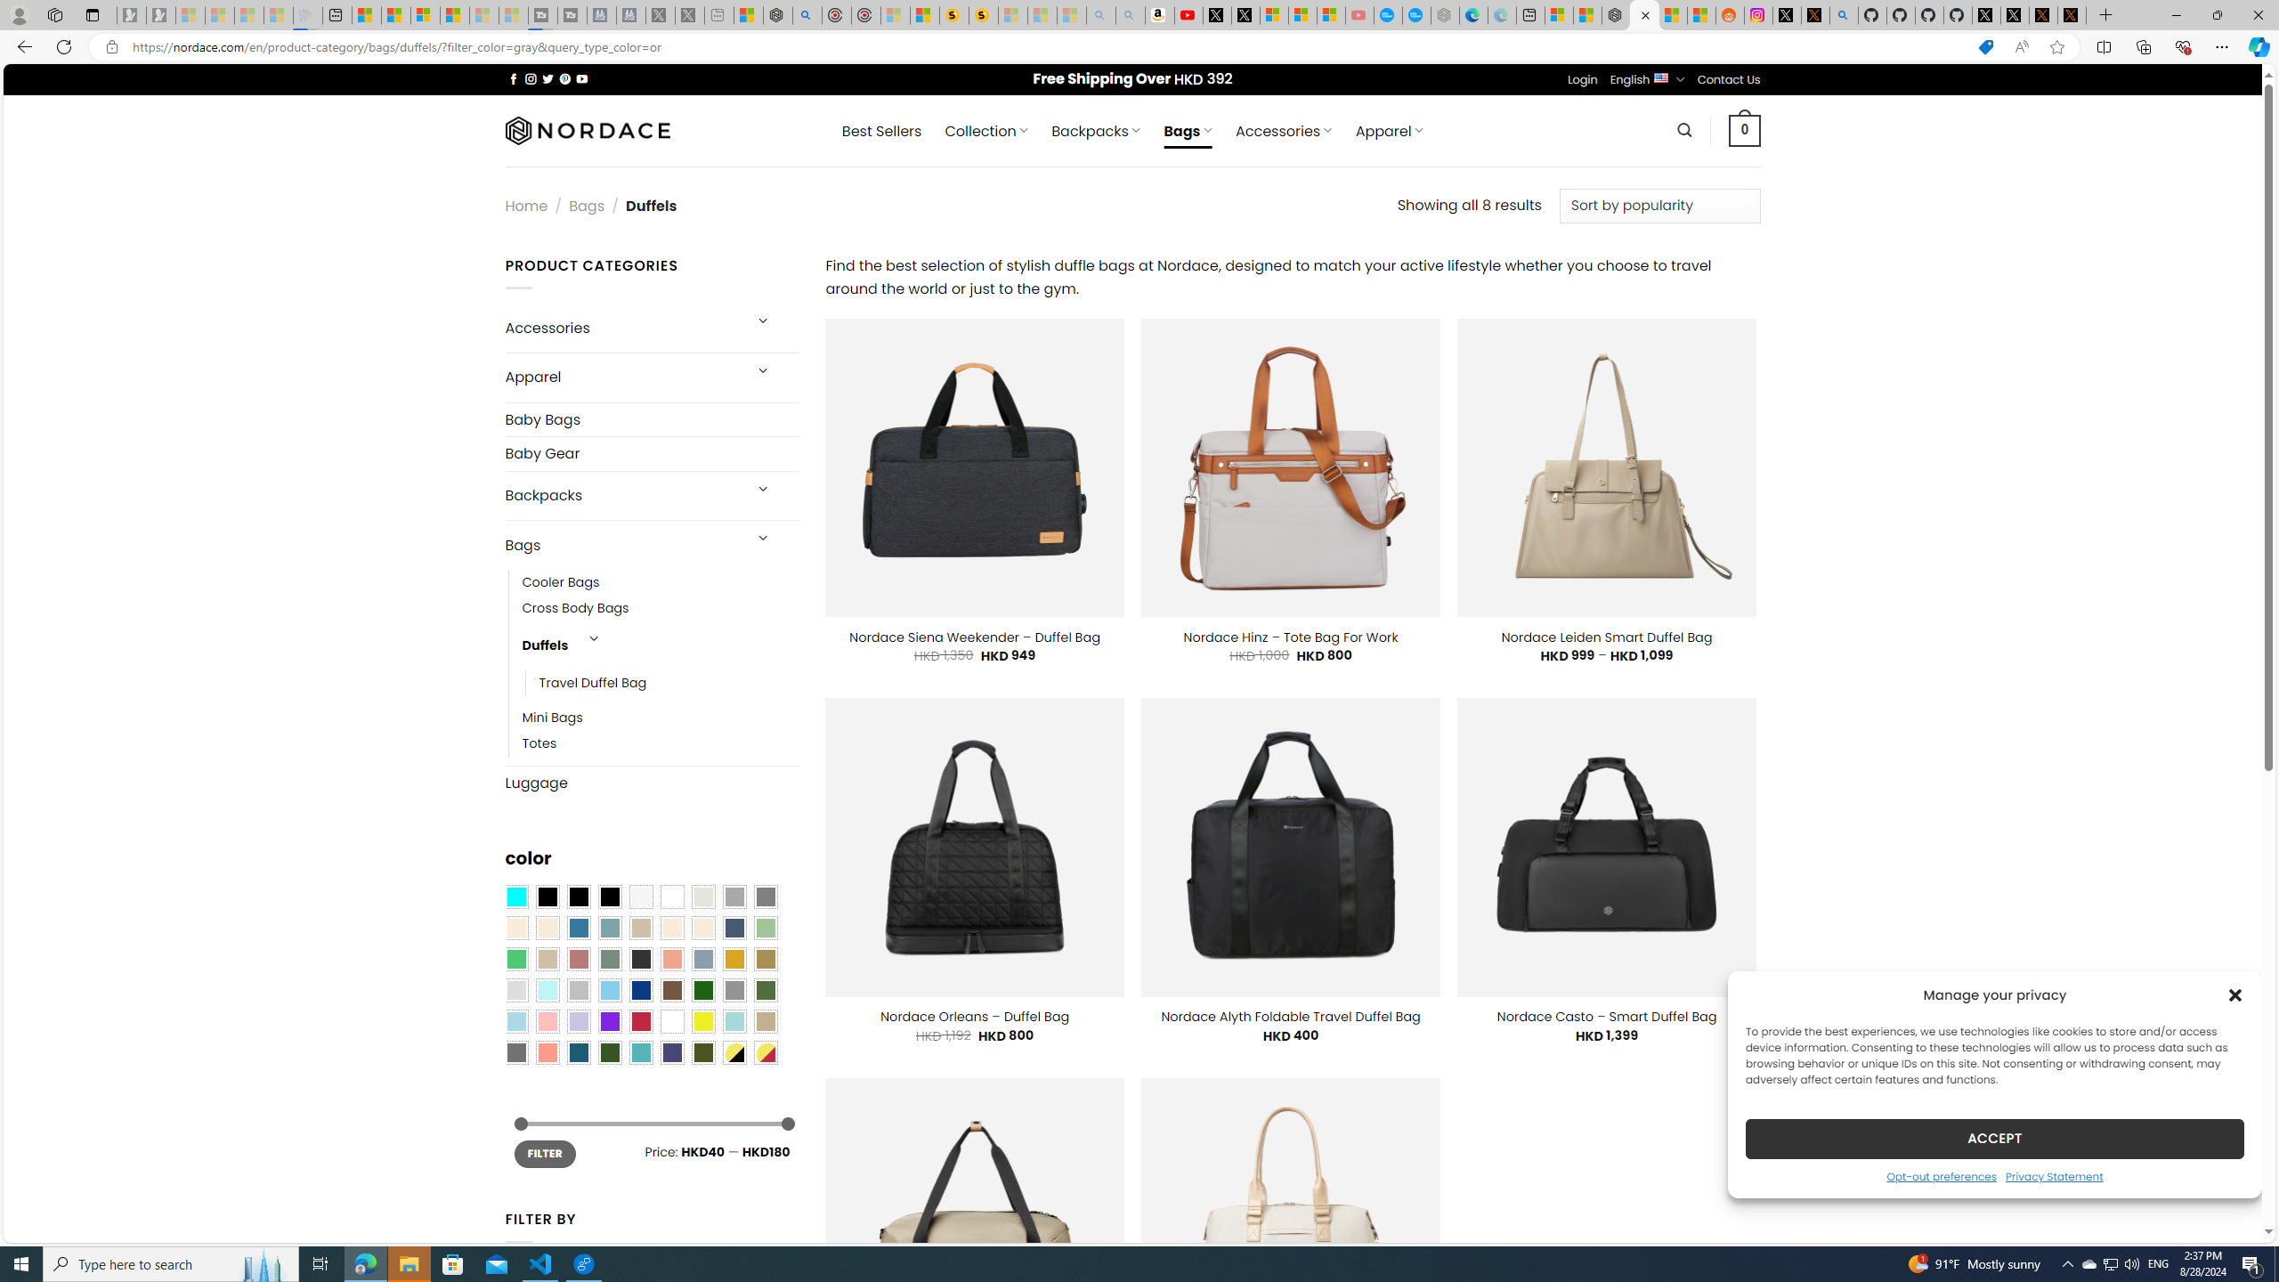  What do you see at coordinates (1129, 14) in the screenshot?
I see `'Amazon Echo Dot PNG - Search Images - Sleeping'` at bounding box center [1129, 14].